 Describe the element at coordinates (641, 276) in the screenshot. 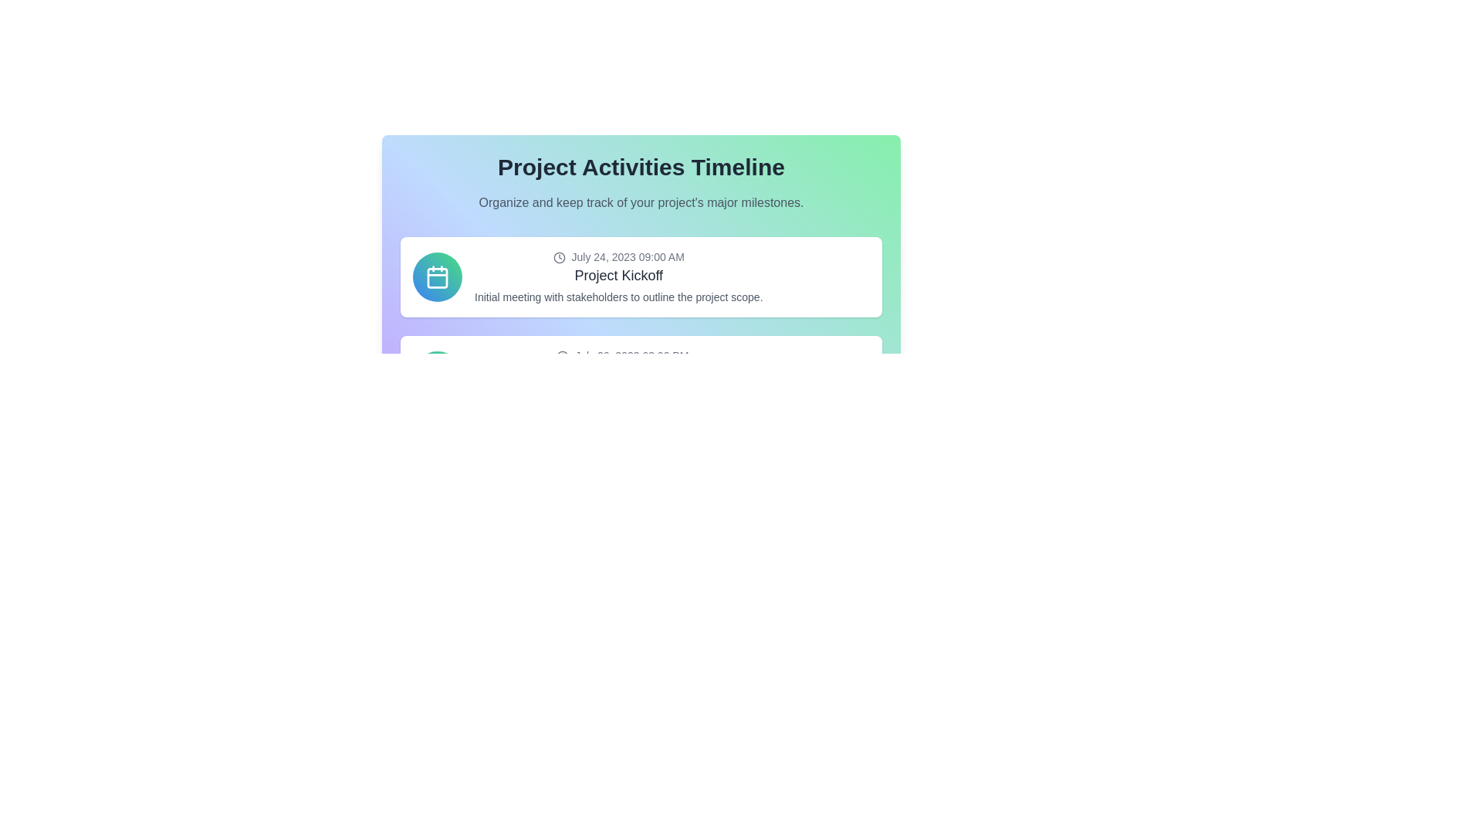

I see `the first card in the Project Activities Timeline` at that location.